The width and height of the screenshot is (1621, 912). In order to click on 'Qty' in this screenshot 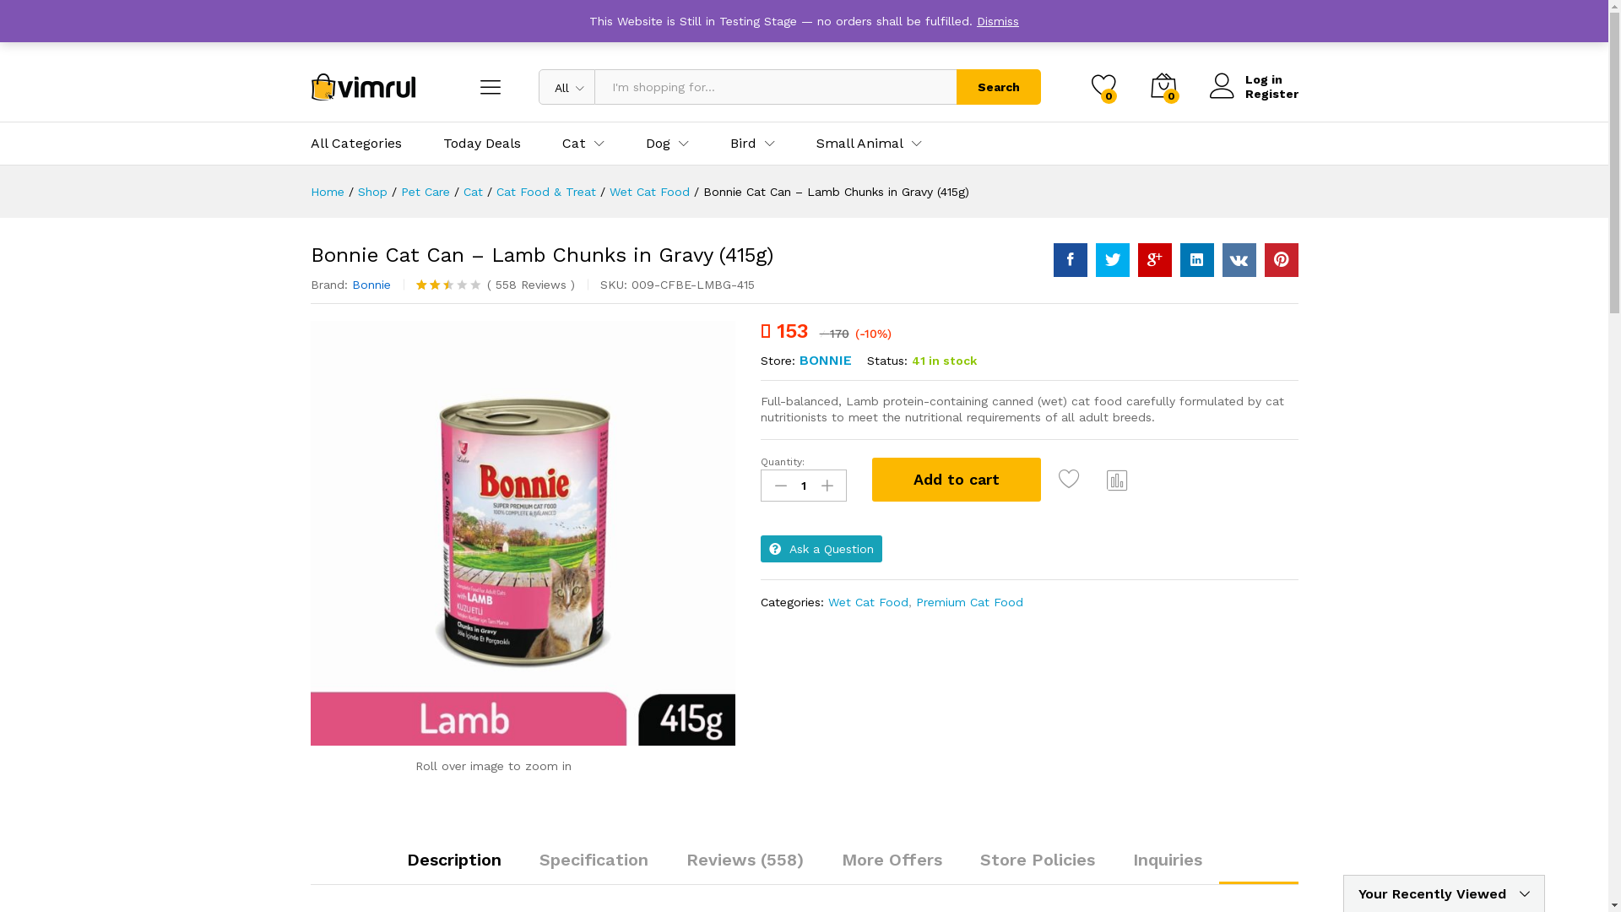, I will do `click(802, 485)`.